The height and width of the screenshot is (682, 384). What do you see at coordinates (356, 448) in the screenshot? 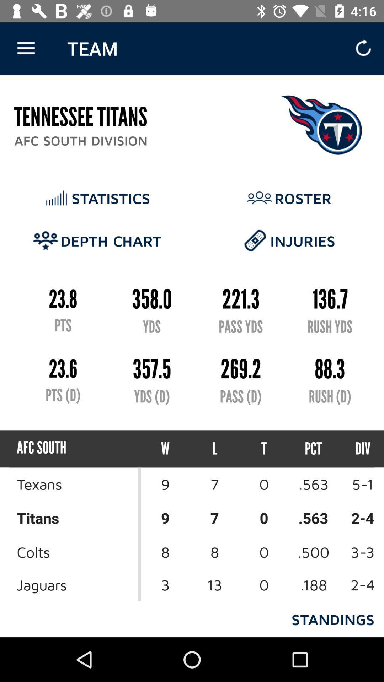
I see `the div icon` at bounding box center [356, 448].